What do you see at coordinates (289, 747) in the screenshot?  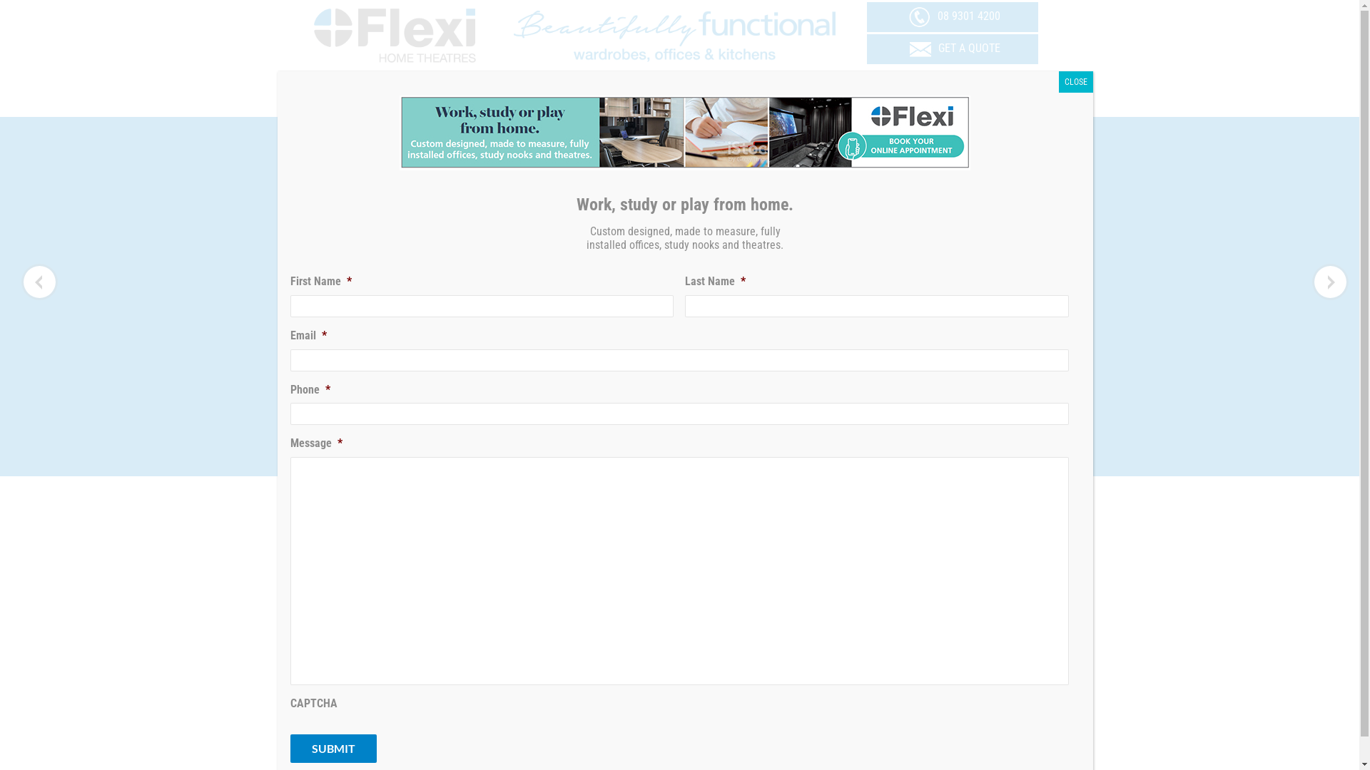 I see `'Submit'` at bounding box center [289, 747].